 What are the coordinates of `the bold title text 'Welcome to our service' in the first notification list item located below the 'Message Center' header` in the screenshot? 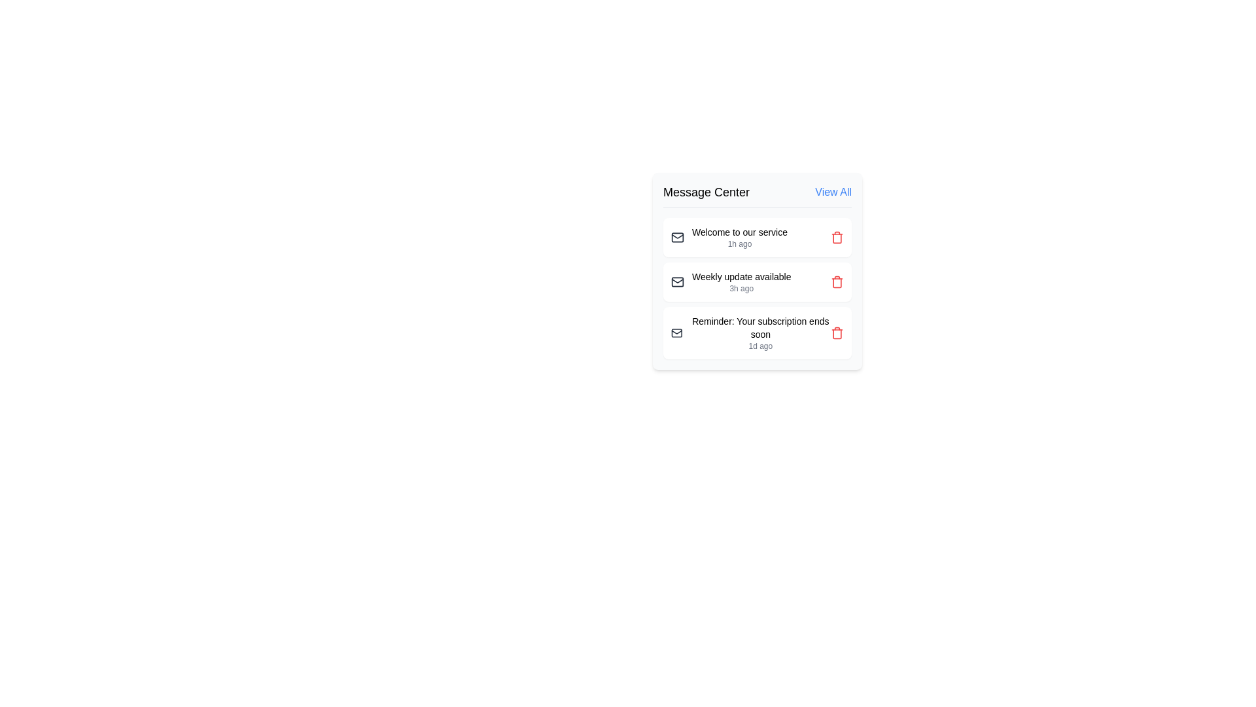 It's located at (728, 237).